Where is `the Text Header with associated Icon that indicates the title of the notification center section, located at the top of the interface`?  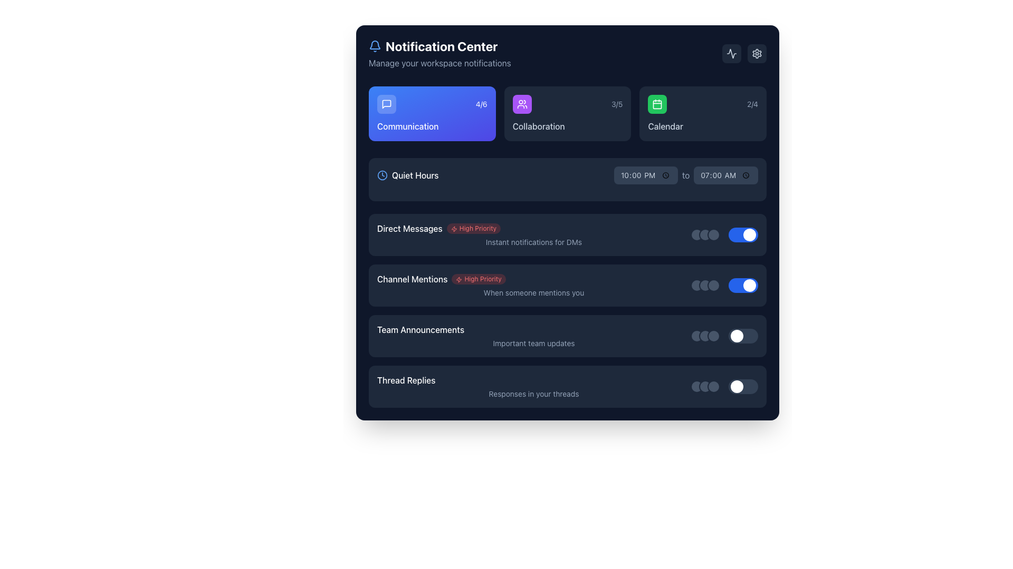
the Text Header with associated Icon that indicates the title of the notification center section, located at the top of the interface is located at coordinates (439, 46).